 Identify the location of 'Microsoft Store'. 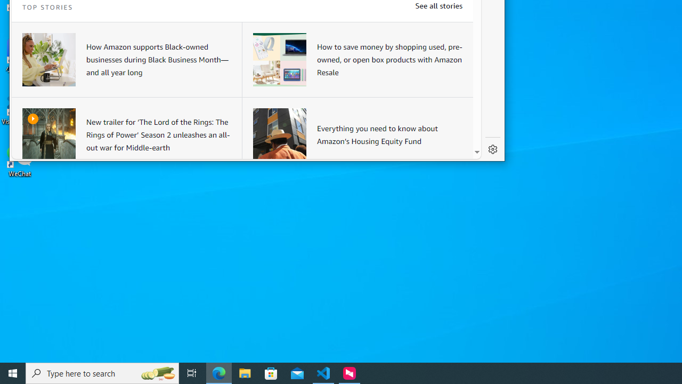
(271, 372).